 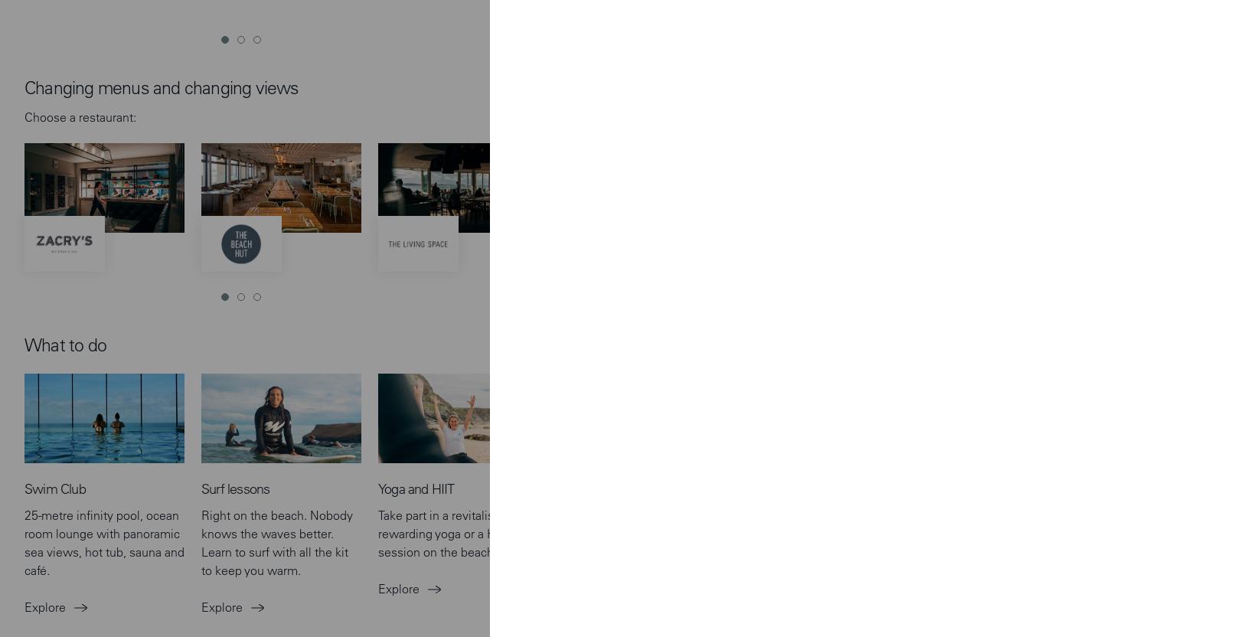 I want to click on 'We'd love to keep in touch and send you the latest offers, news, events, competitions and offers from the Bay. Sign up to receive our e-newsletter.', so click(x=222, y=443).